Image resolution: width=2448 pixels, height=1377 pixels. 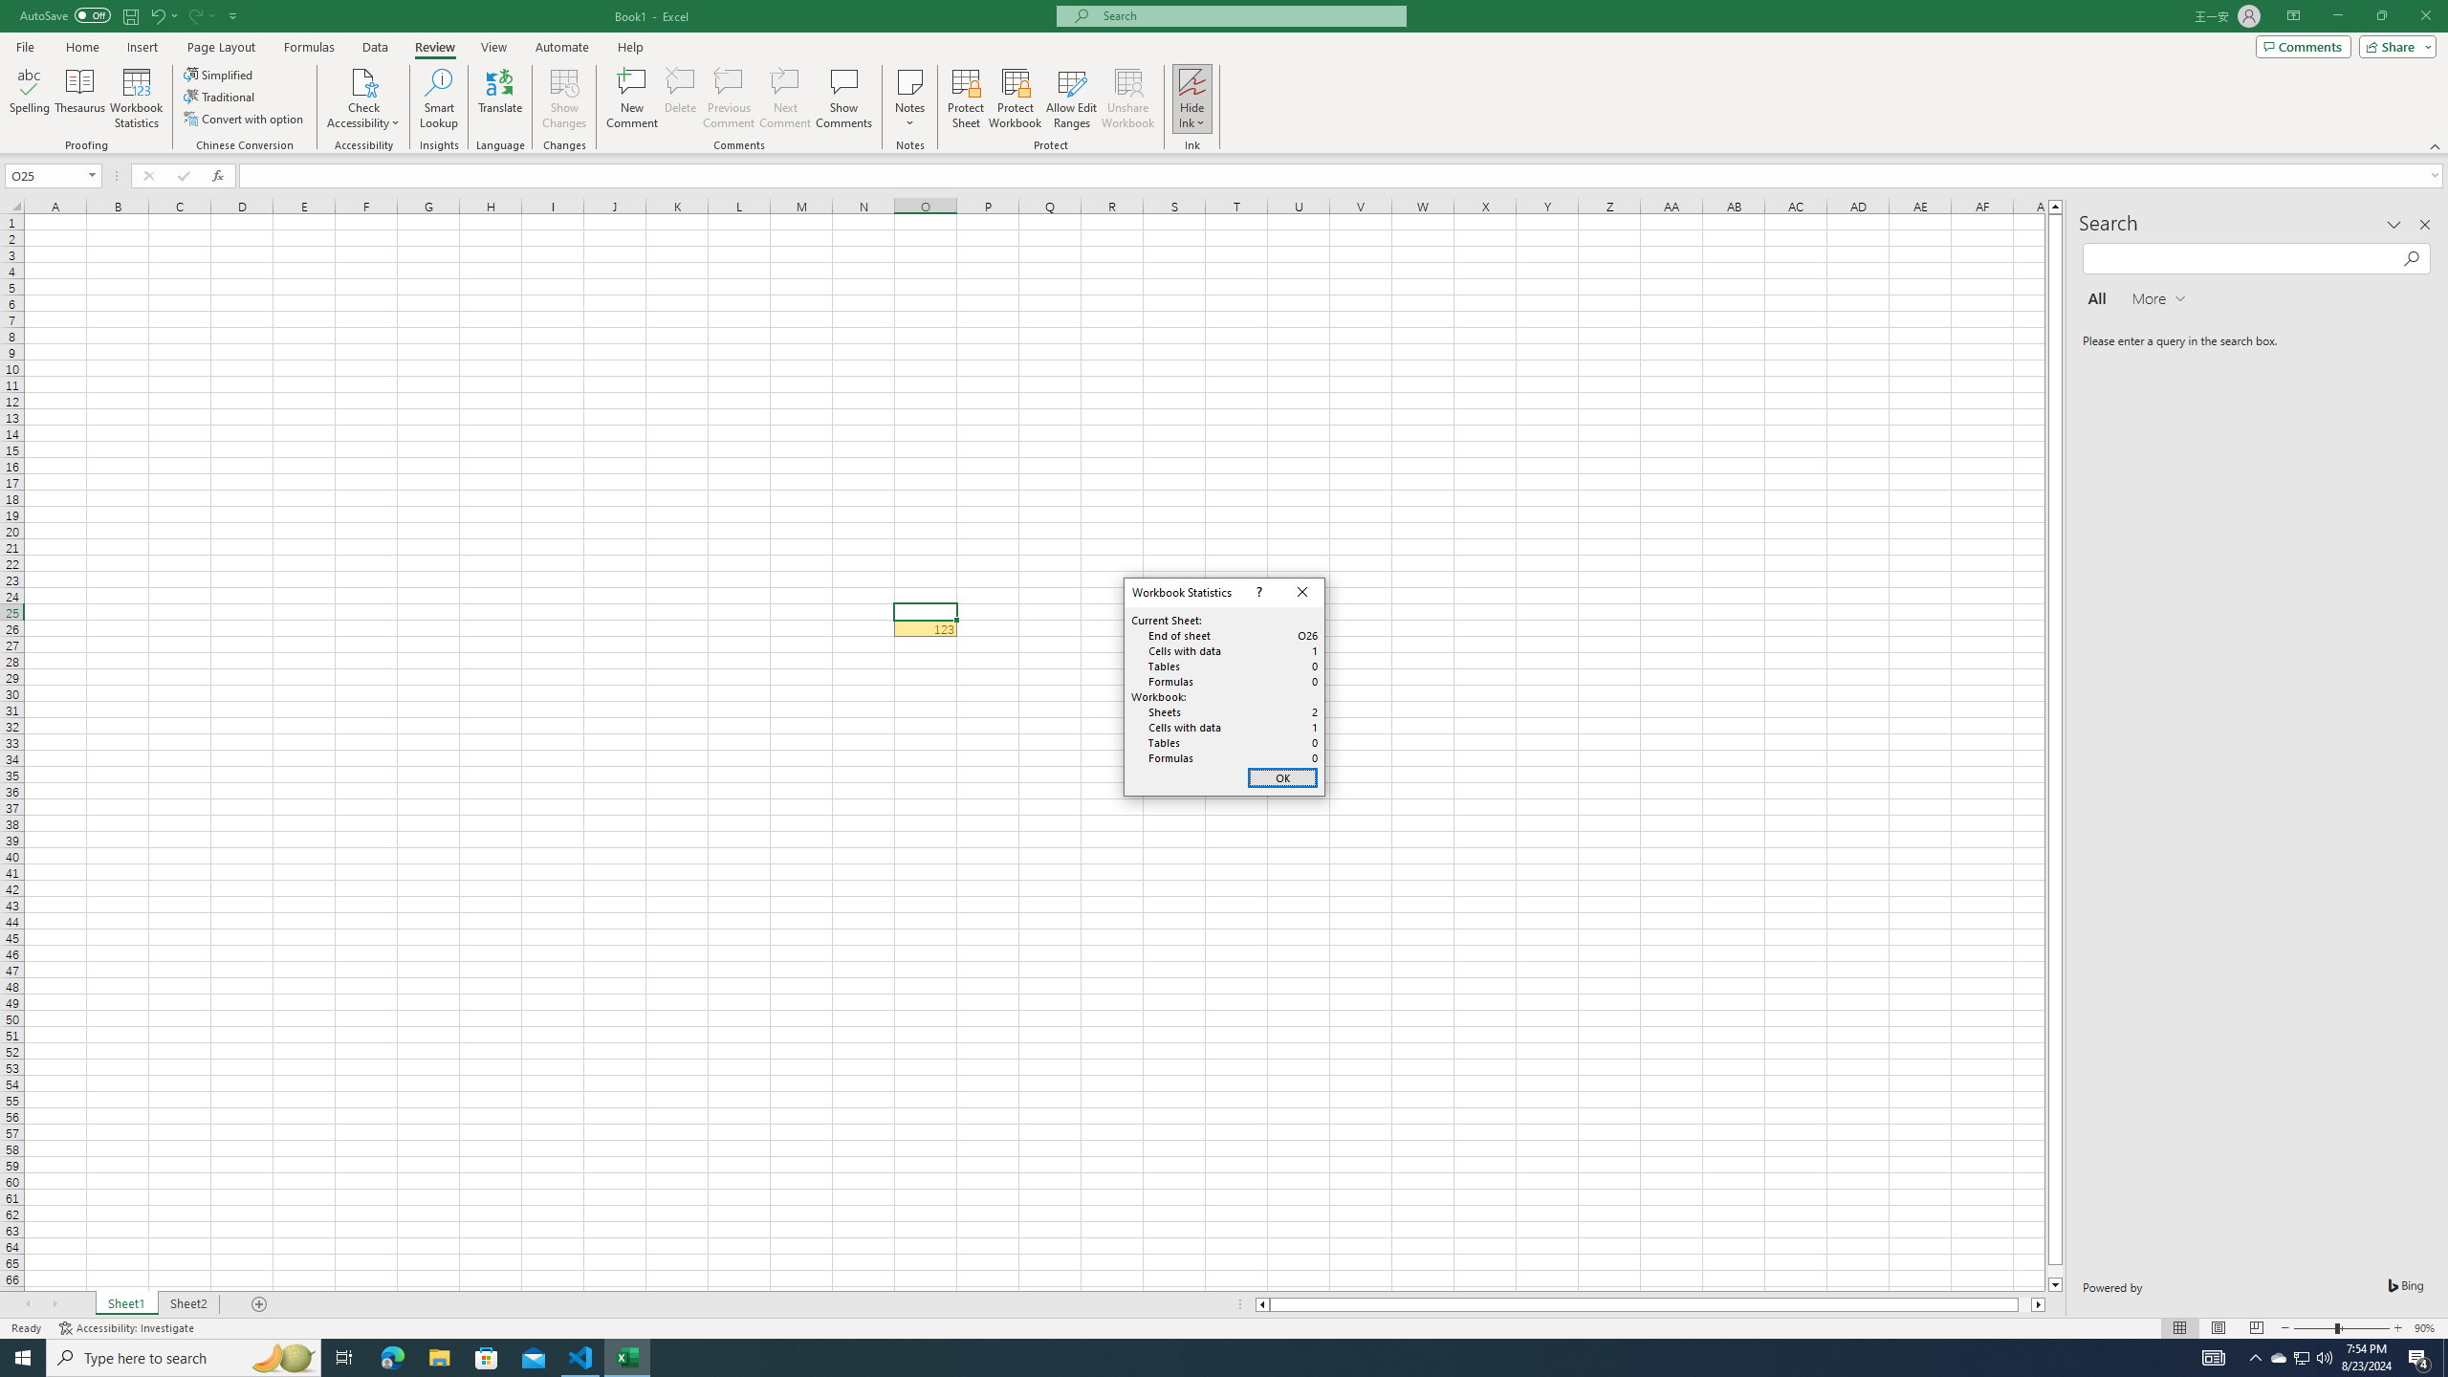 I want to click on 'Visual Studio Code - 1 running window', so click(x=580, y=1356).